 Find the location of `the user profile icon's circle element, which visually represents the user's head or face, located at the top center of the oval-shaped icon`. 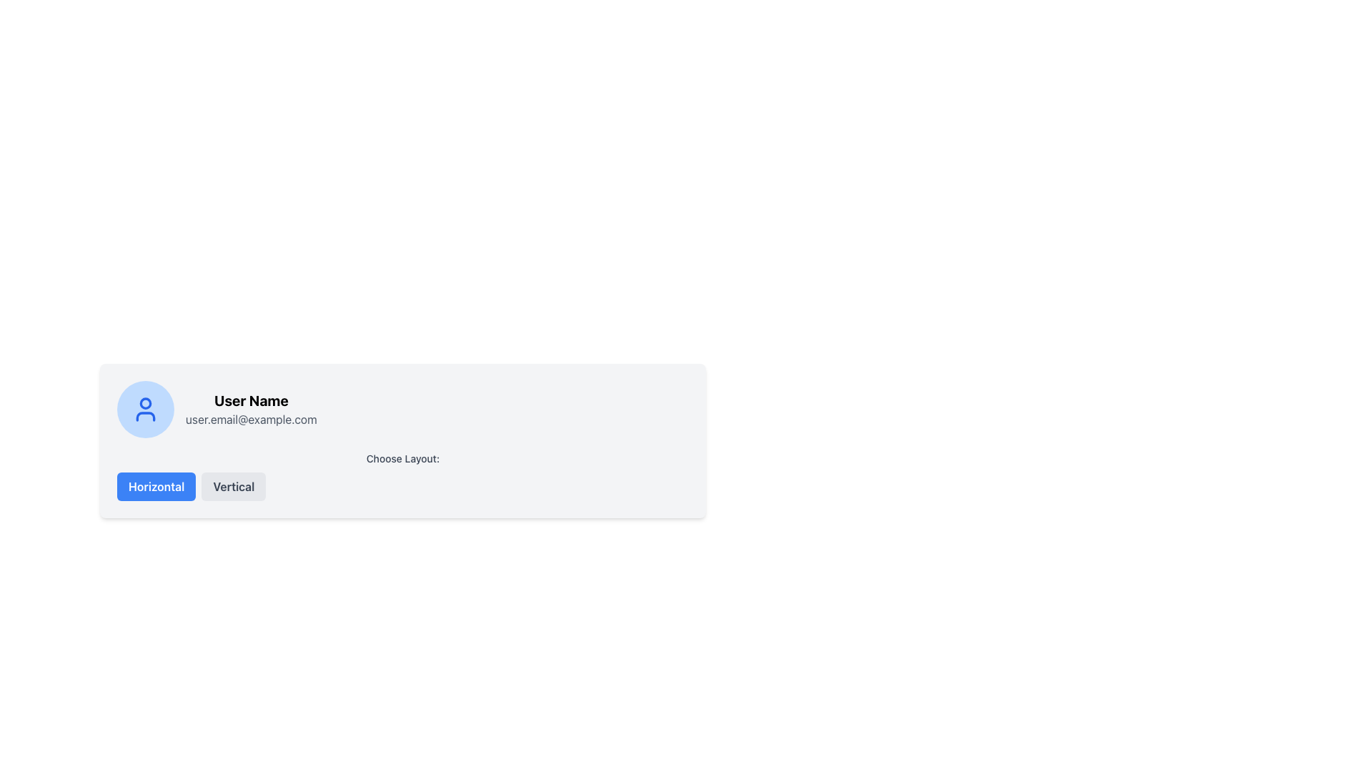

the user profile icon's circle element, which visually represents the user's head or face, located at the top center of the oval-shaped icon is located at coordinates (145, 402).